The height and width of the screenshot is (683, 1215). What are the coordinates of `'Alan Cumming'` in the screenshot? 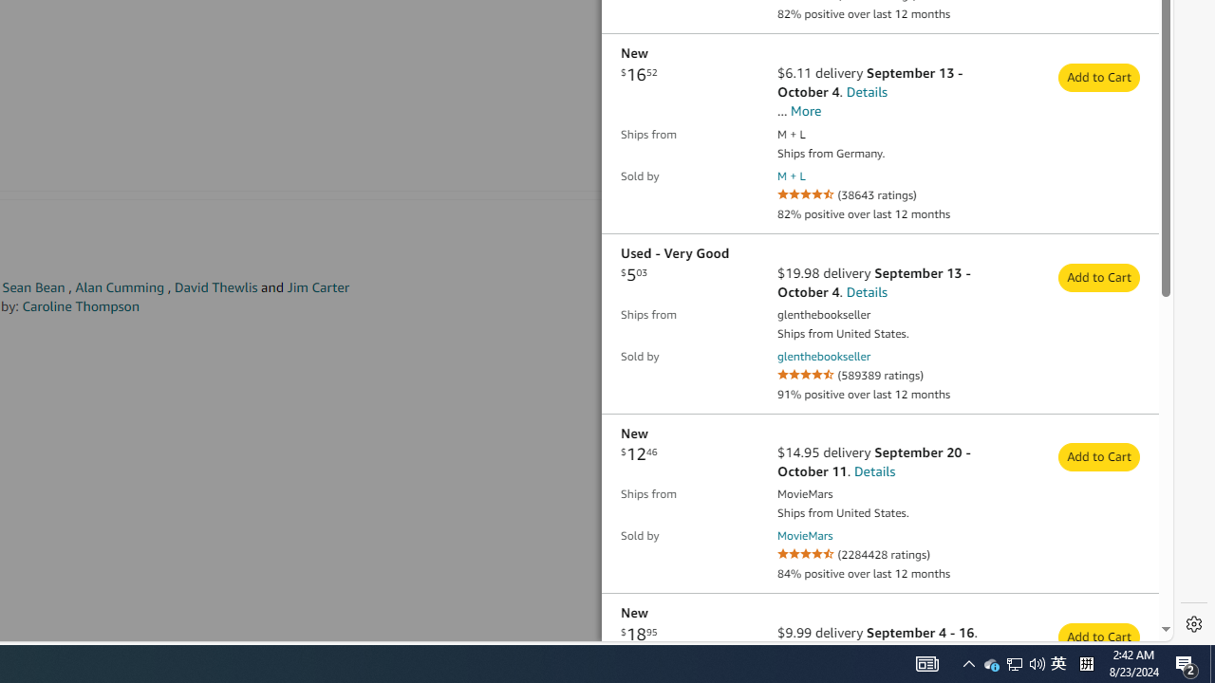 It's located at (119, 287).